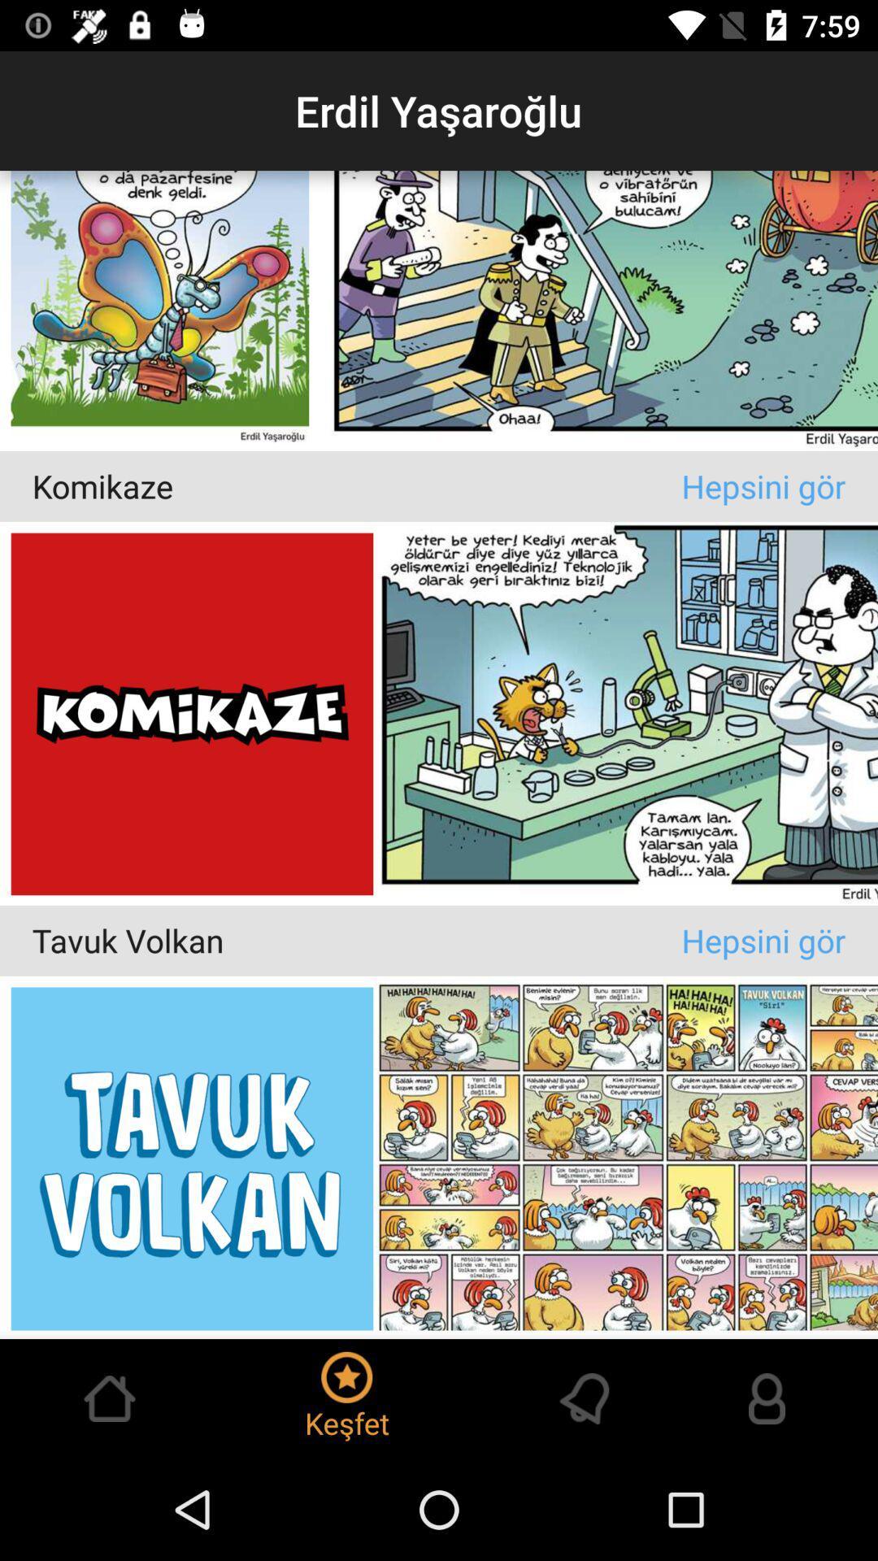  Describe the element at coordinates (356, 485) in the screenshot. I see `komikaze item` at that location.